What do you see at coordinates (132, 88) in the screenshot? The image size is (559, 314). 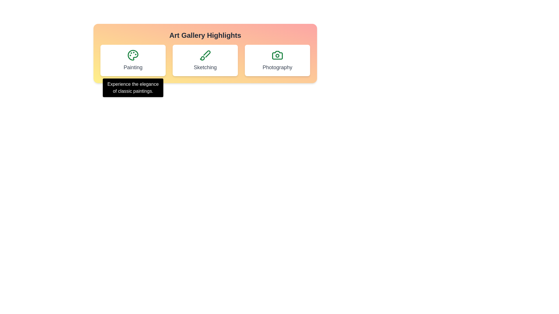 I see `the tooltip providing additional information about the 'Painting' card located below it in the 'Art Gallery Highlights' section` at bounding box center [132, 88].